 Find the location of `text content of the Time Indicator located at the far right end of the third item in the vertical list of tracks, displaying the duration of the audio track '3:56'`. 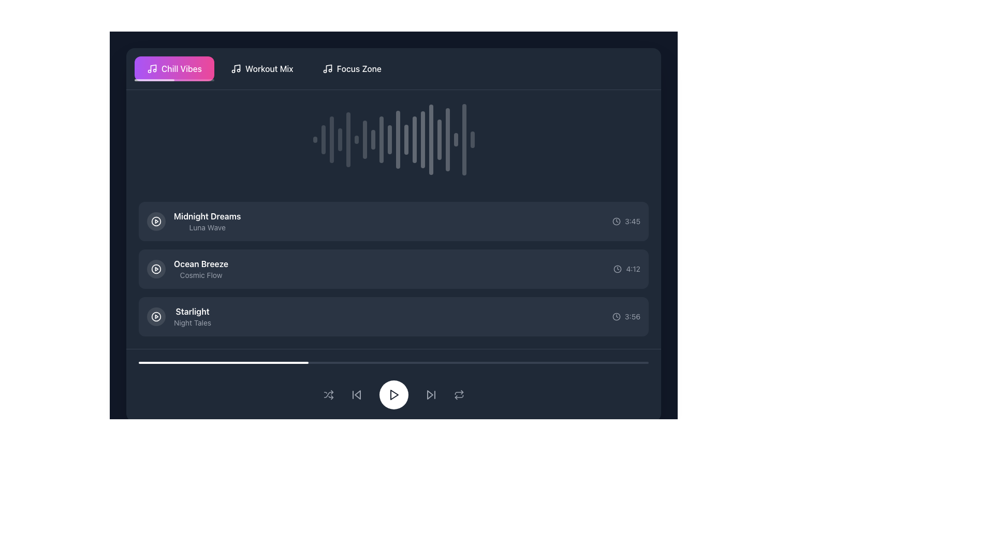

text content of the Time Indicator located at the far right end of the third item in the vertical list of tracks, displaying the duration of the audio track '3:56' is located at coordinates (617, 316).